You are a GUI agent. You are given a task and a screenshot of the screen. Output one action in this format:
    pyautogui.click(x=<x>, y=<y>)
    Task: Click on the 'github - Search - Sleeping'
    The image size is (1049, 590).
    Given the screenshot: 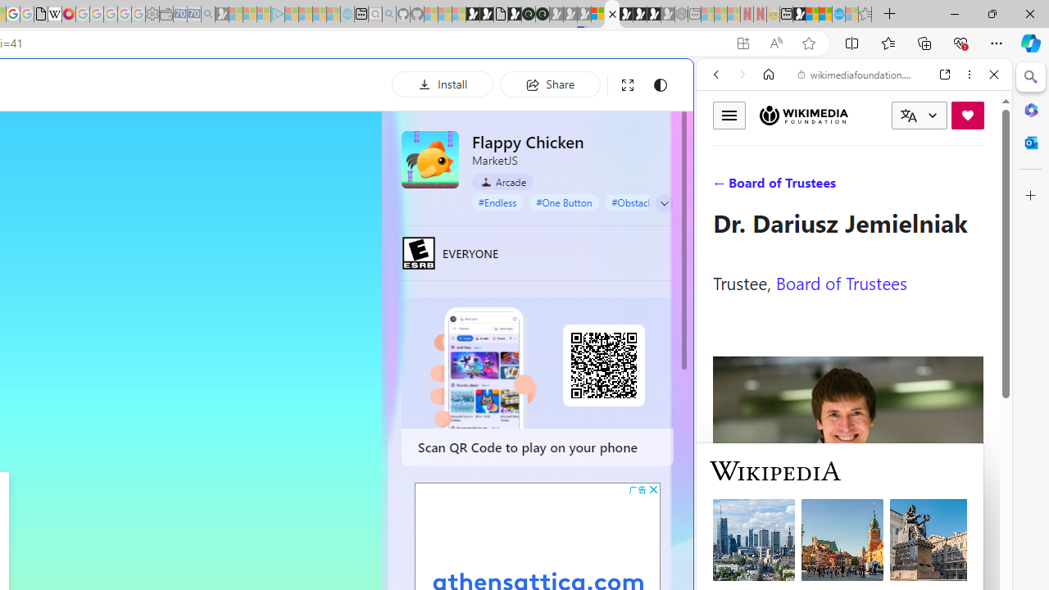 What is the action you would take?
    pyautogui.click(x=388, y=14)
    